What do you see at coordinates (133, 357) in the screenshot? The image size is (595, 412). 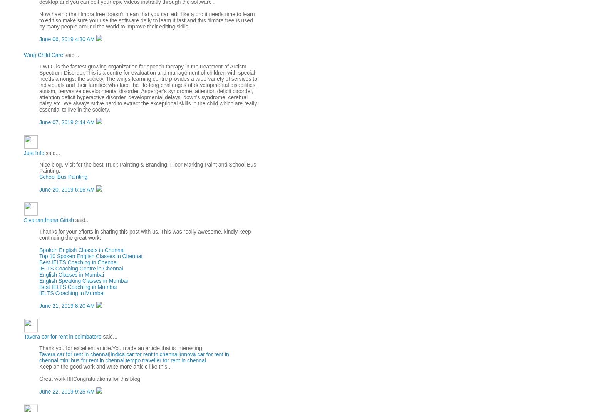 I see `'innova car for rent in chennai'` at bounding box center [133, 357].